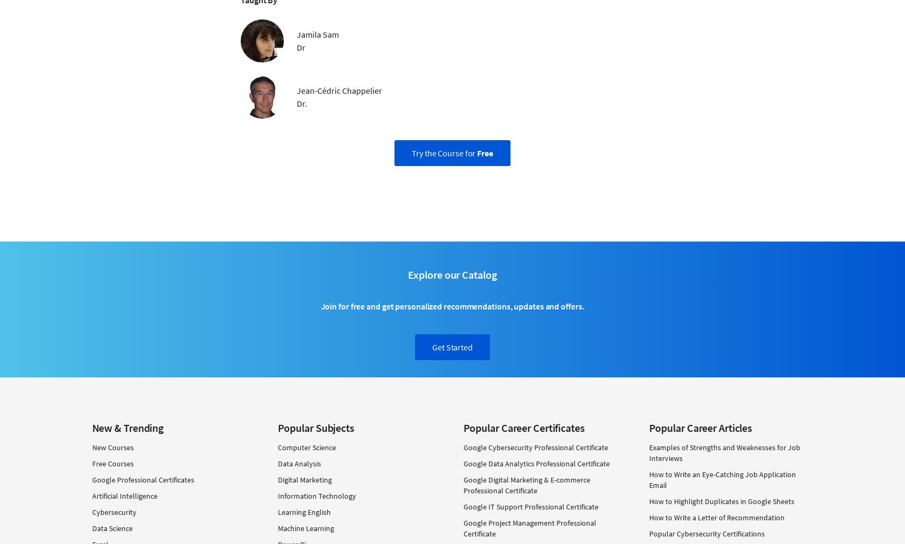 The height and width of the screenshot is (544, 905). Describe the element at coordinates (462, 427) in the screenshot. I see `'Popular Career Certificates'` at that location.